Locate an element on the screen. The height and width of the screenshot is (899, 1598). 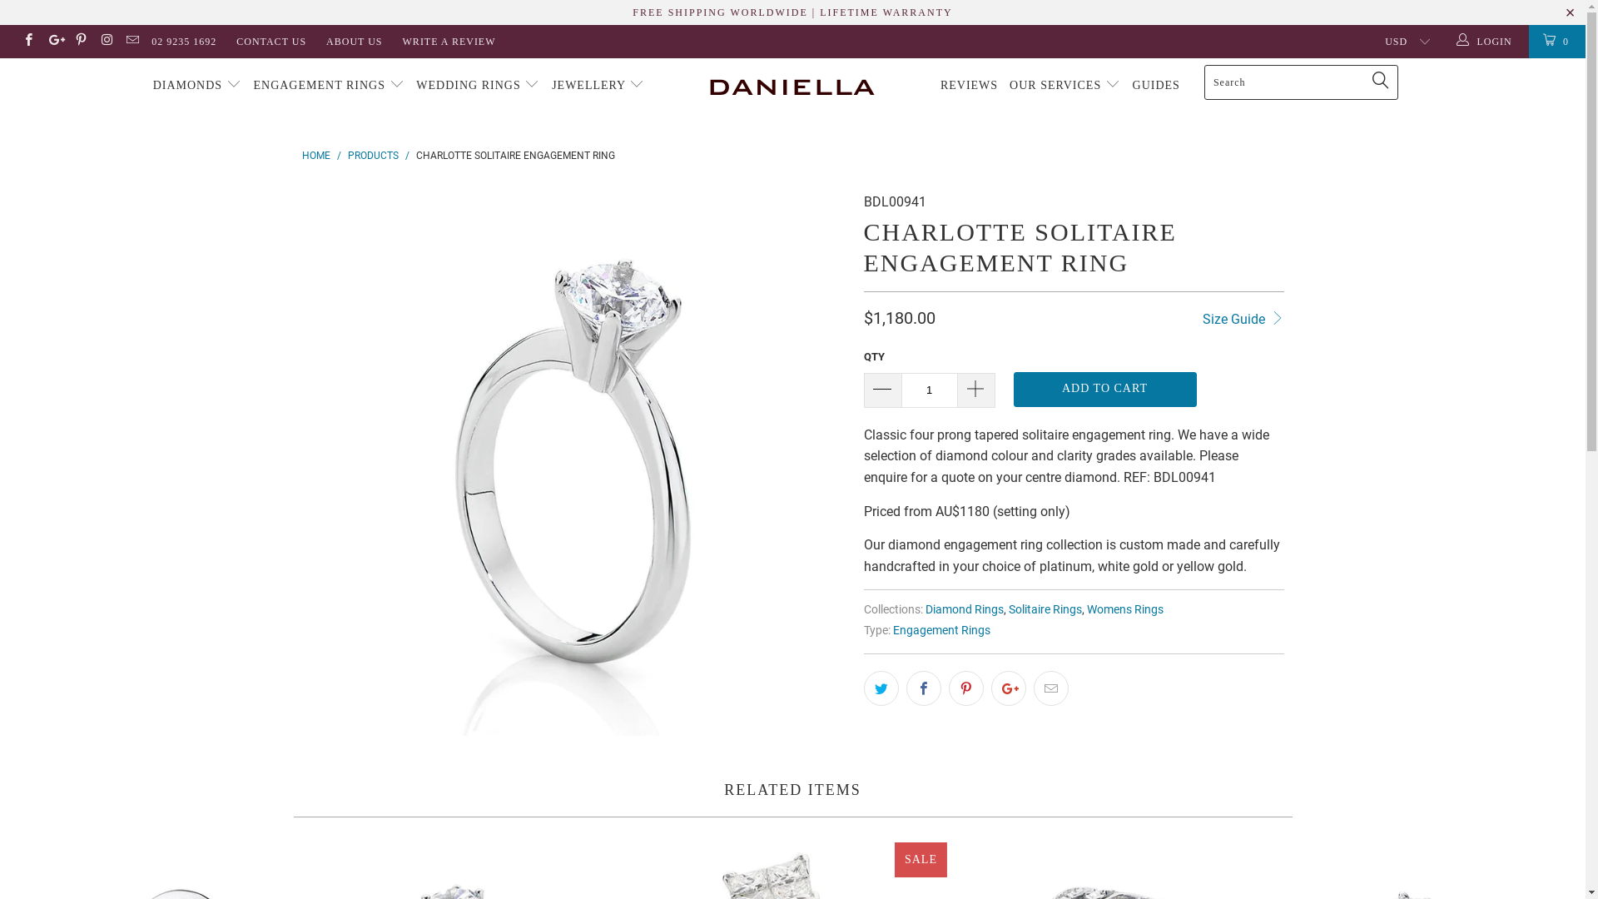
'ABOUT US' is located at coordinates (326, 41).